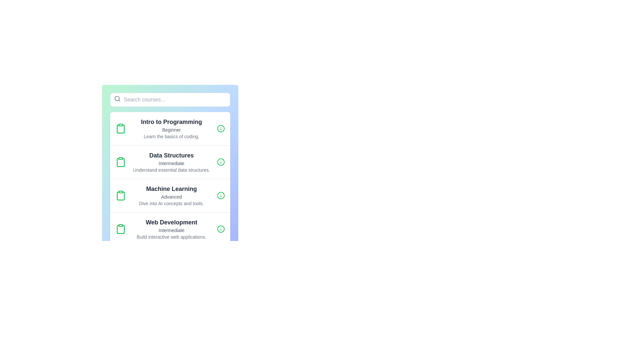 This screenshot has width=637, height=358. What do you see at coordinates (121, 129) in the screenshot?
I see `the Icon or SVG graphic representing the first course item, which is located to the left of the text 'Intro to Programming'` at bounding box center [121, 129].